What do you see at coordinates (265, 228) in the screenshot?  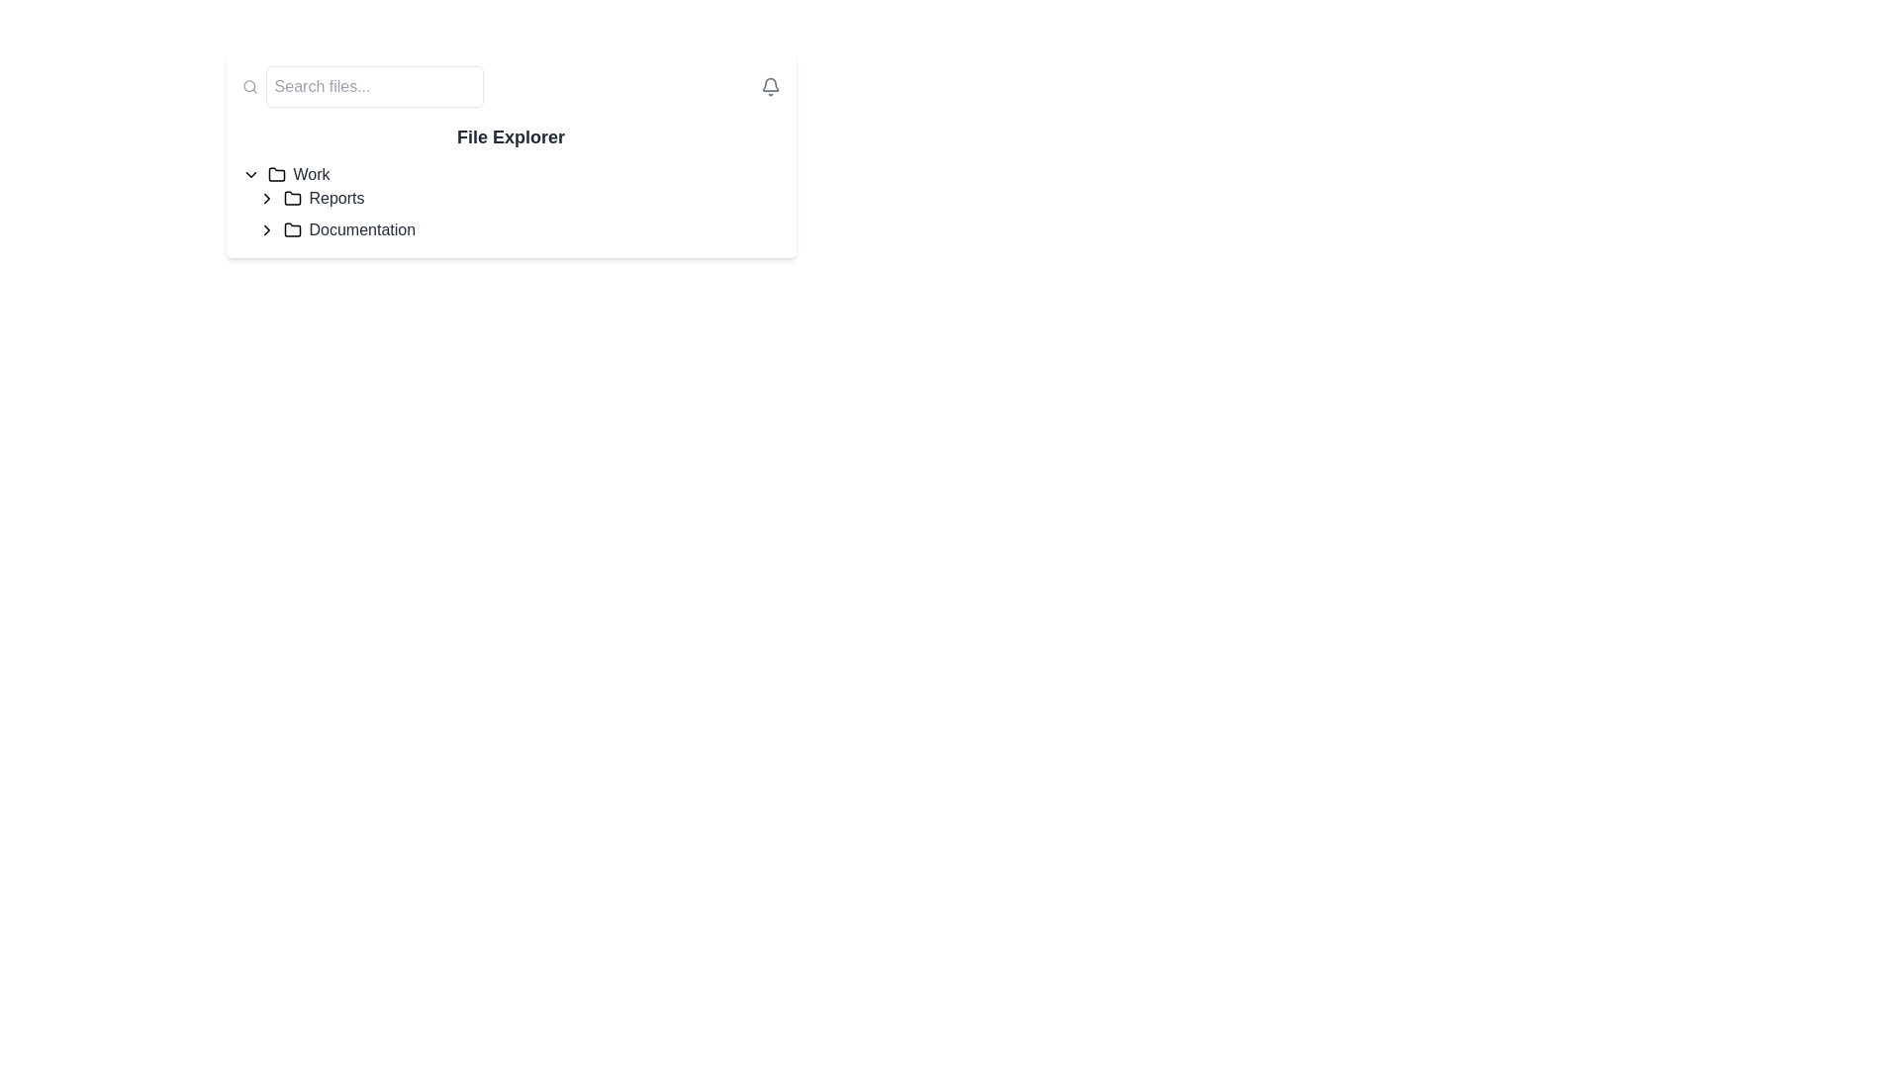 I see `the Chevron icon toggle button located before the 'Documentation' label` at bounding box center [265, 228].